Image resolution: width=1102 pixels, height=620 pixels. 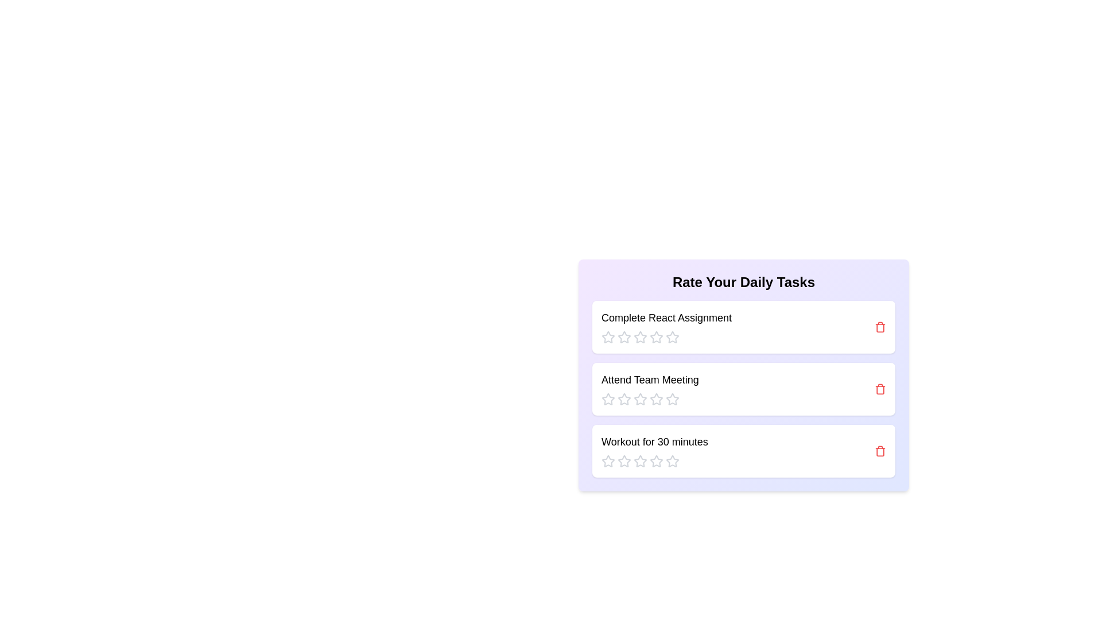 I want to click on the rating for a task to 4 stars by clicking the corresponding star icon, so click(x=656, y=336).